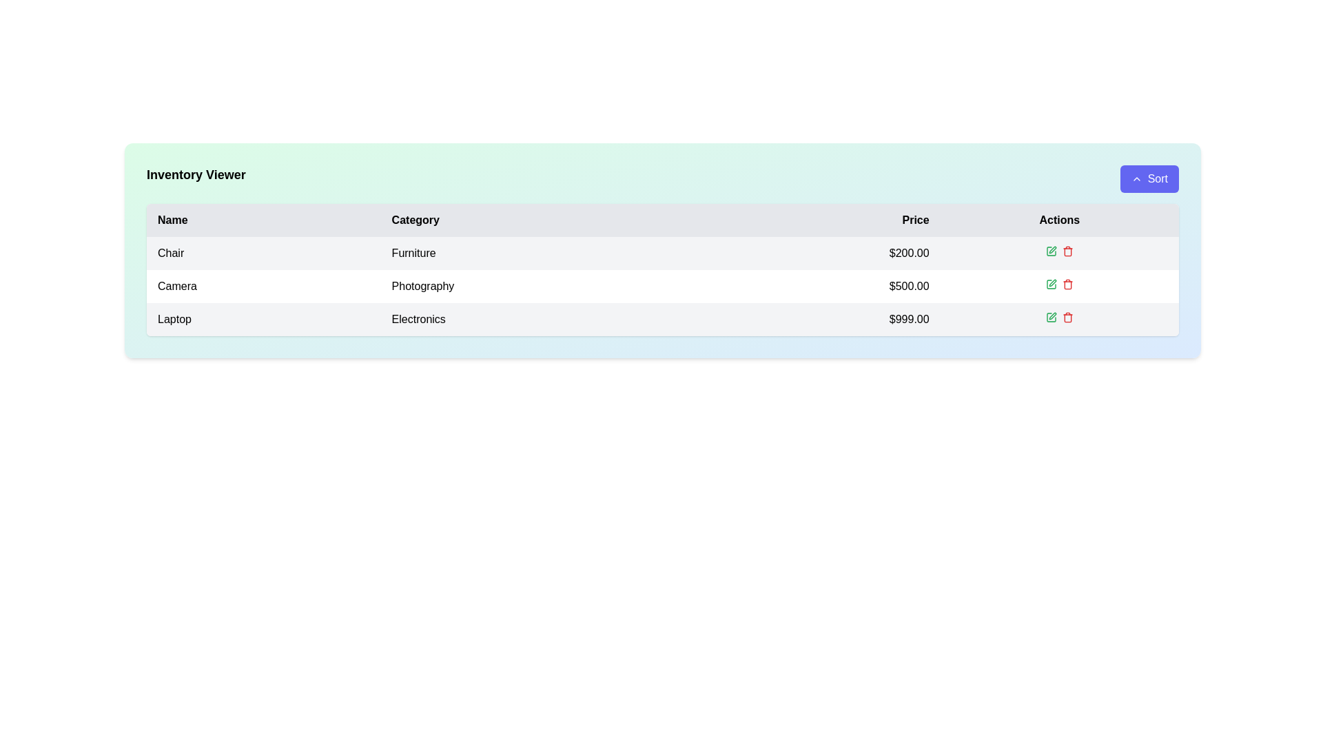 This screenshot has height=744, width=1323. I want to click on the pen icon button located in the 'Actions' column of the second row (Camera) in the data table to initiate an edit action, so click(1052, 282).